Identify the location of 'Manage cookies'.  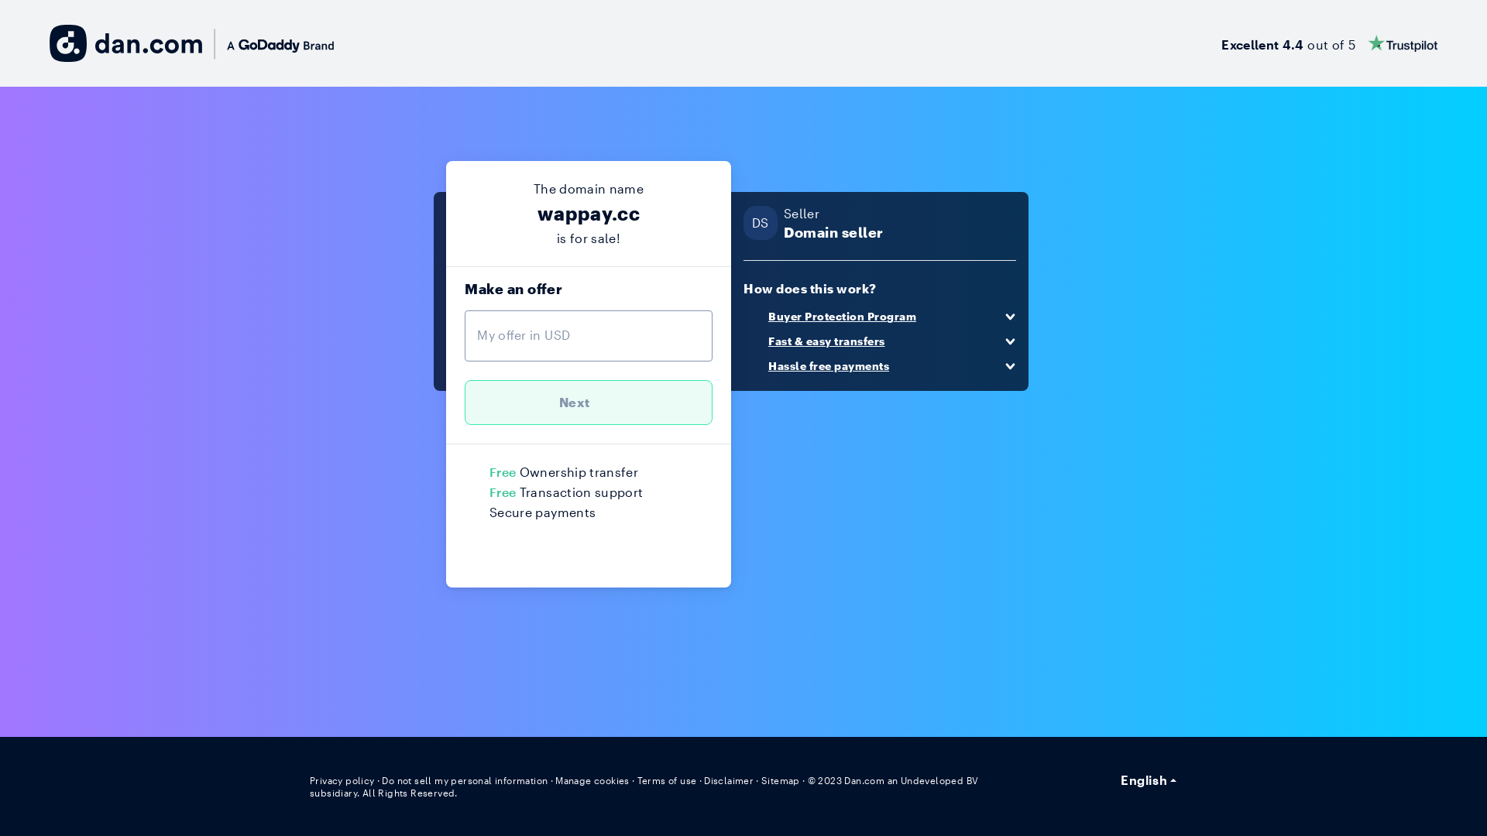
(578, 779).